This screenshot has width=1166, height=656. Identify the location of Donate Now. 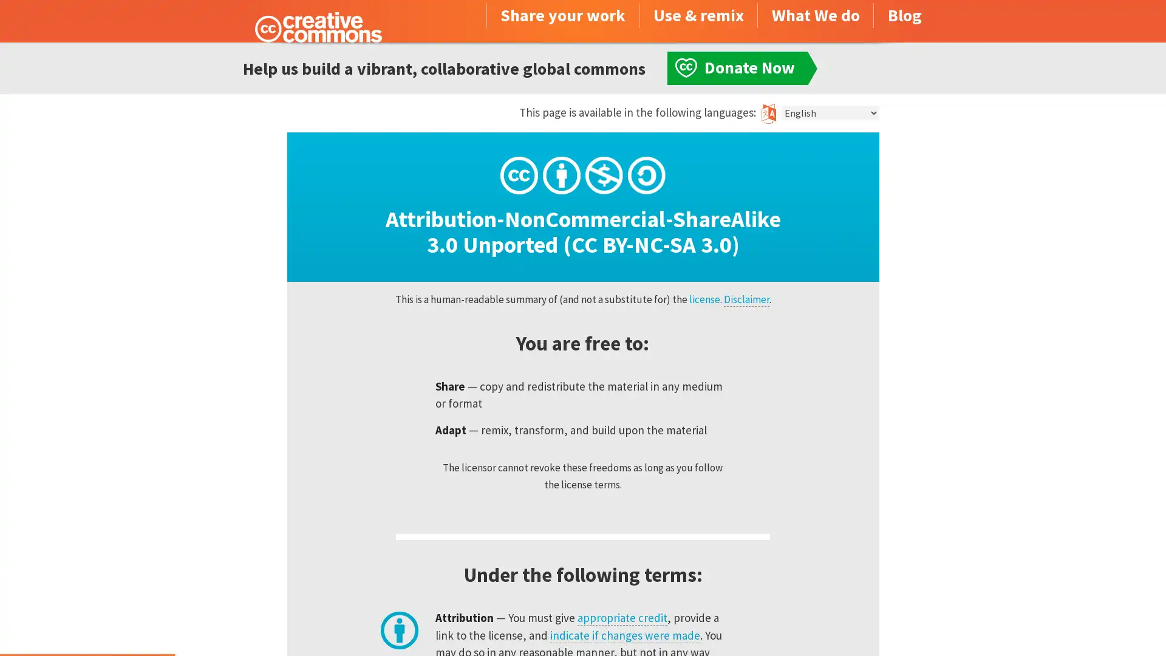
(87, 623).